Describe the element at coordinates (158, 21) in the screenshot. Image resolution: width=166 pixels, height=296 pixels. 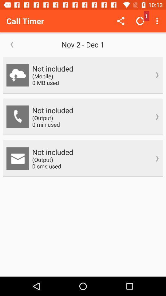
I see `the icon to the right of the 1 item` at that location.